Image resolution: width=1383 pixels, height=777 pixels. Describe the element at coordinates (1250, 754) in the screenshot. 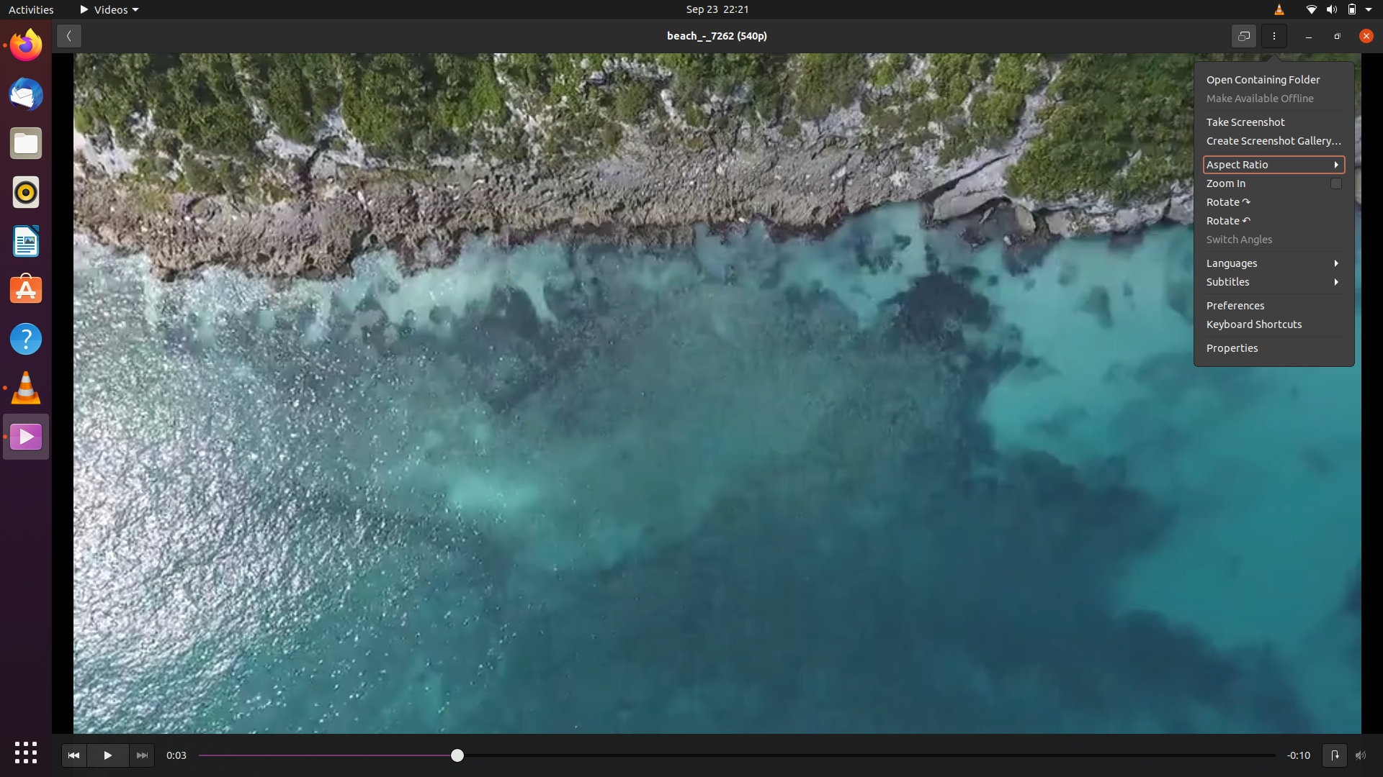

I see `Move to the last second of the current video` at that location.